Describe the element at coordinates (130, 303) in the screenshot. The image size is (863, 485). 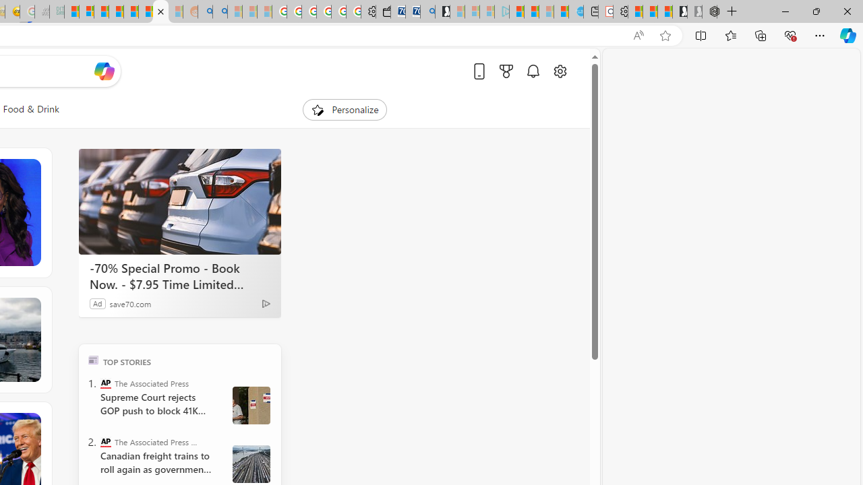
I see `'save70.com'` at that location.